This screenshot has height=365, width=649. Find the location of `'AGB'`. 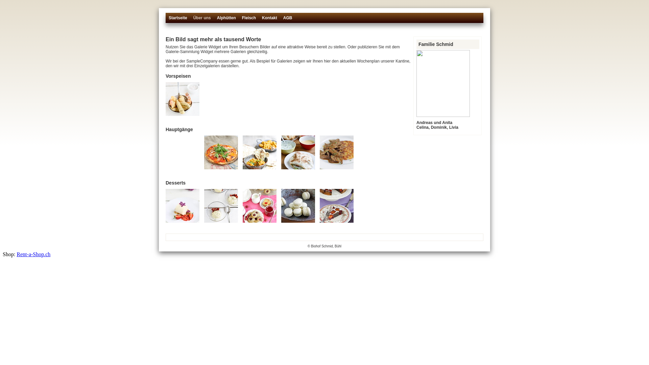

'AGB' is located at coordinates (283, 20).